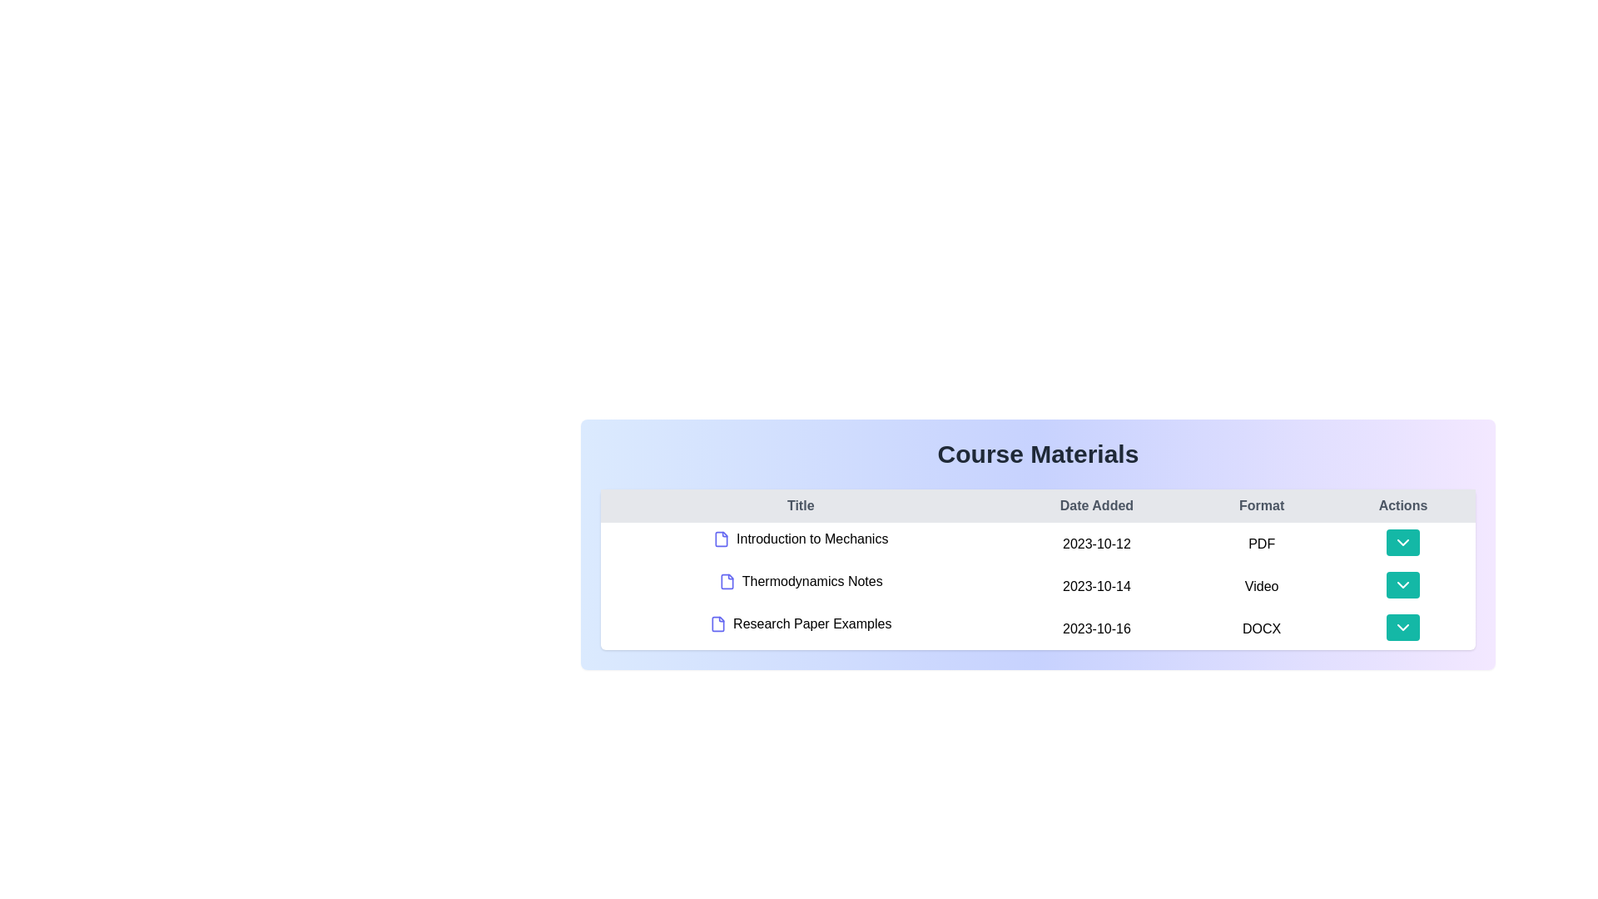 Image resolution: width=1598 pixels, height=899 pixels. Describe the element at coordinates (1037, 454) in the screenshot. I see `header text labeled 'Course Materials', which is a large, bold text centered at the top of a section with a light gradient background` at that location.